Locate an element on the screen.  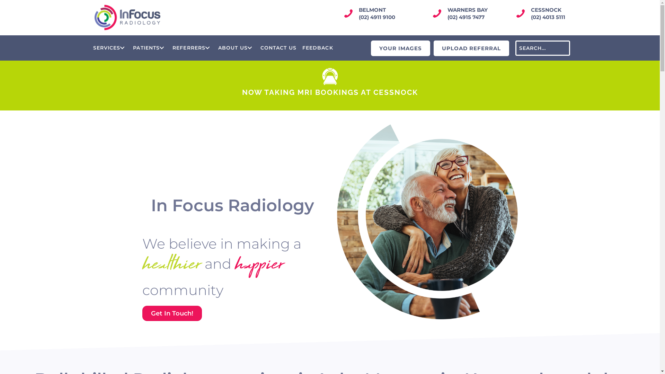
'ABOUT US' is located at coordinates (236, 47).